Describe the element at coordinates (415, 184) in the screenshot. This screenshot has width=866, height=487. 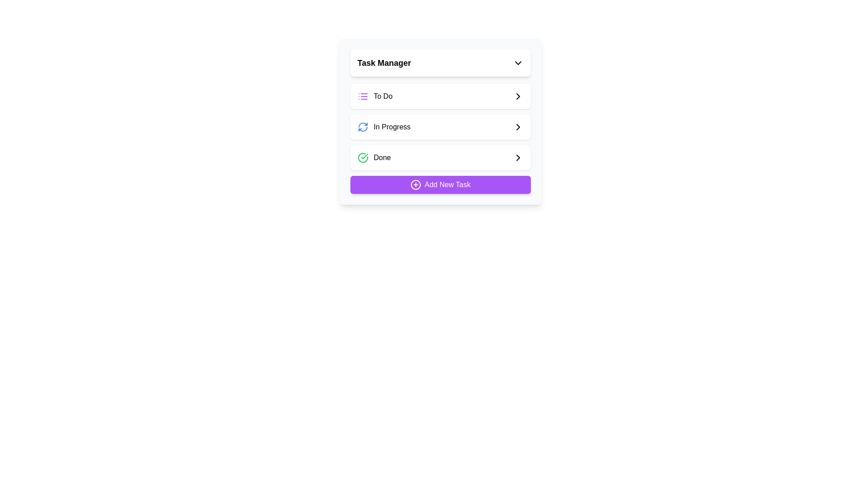
I see `the circular icon with a plus symbol, located to the left of the 'Add New Task' button` at that location.